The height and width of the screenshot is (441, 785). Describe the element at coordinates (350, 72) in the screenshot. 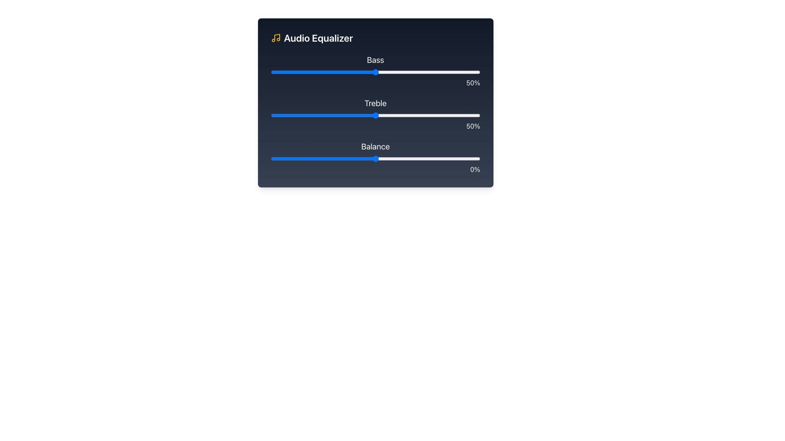

I see `the bass level` at that location.